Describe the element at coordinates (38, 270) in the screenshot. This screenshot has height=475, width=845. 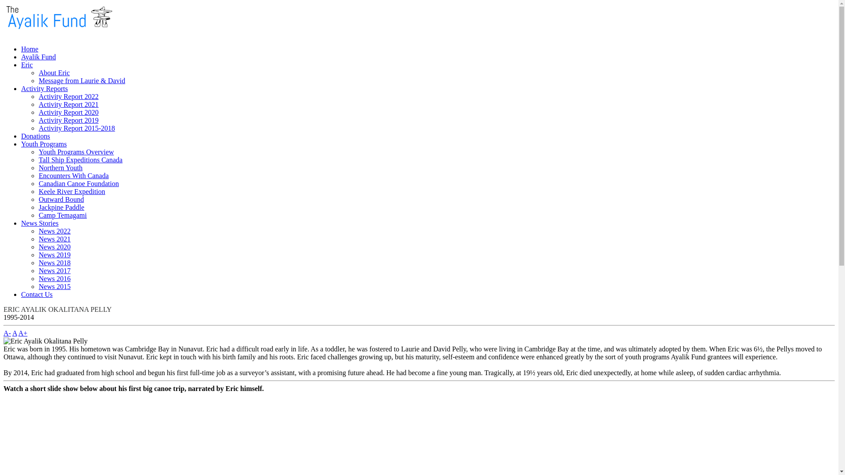
I see `'News 2017'` at that location.